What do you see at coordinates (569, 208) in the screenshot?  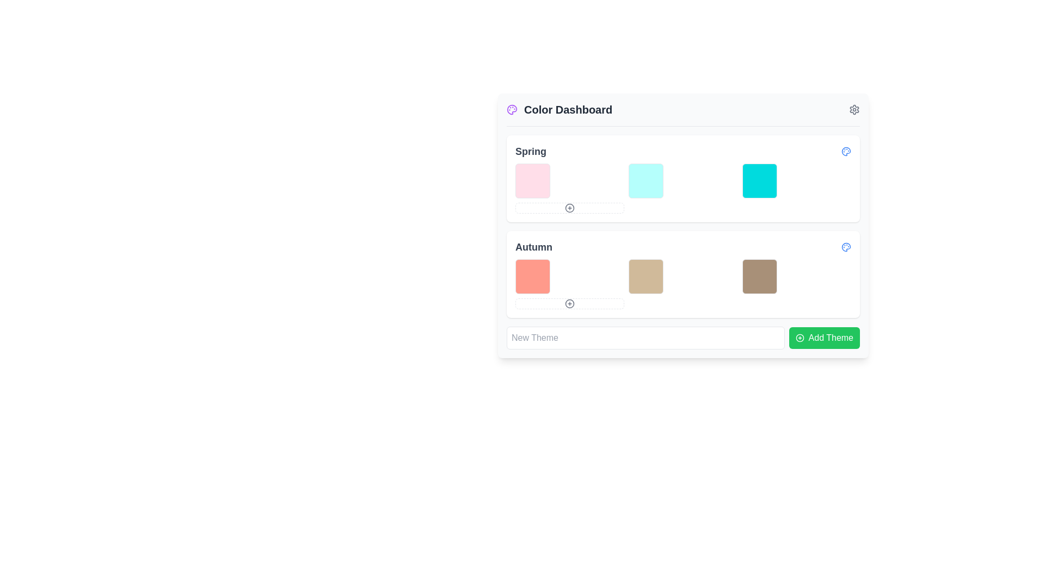 I see `the 'Add' button represented by the circle element in the 'Spring' section to trigger the action of adding a new component` at bounding box center [569, 208].